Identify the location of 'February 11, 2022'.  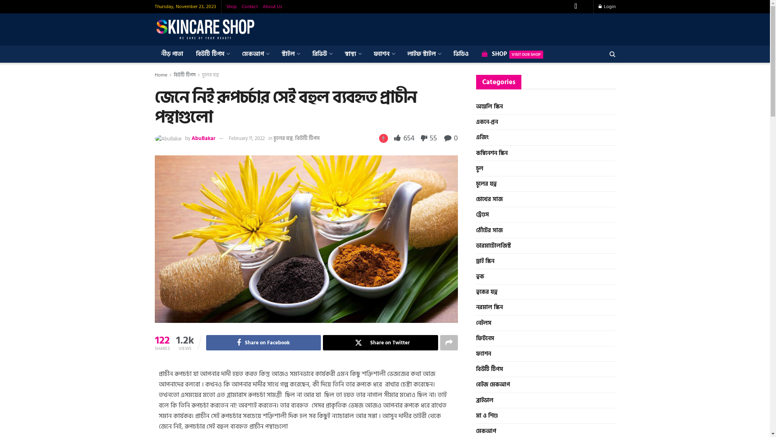
(246, 138).